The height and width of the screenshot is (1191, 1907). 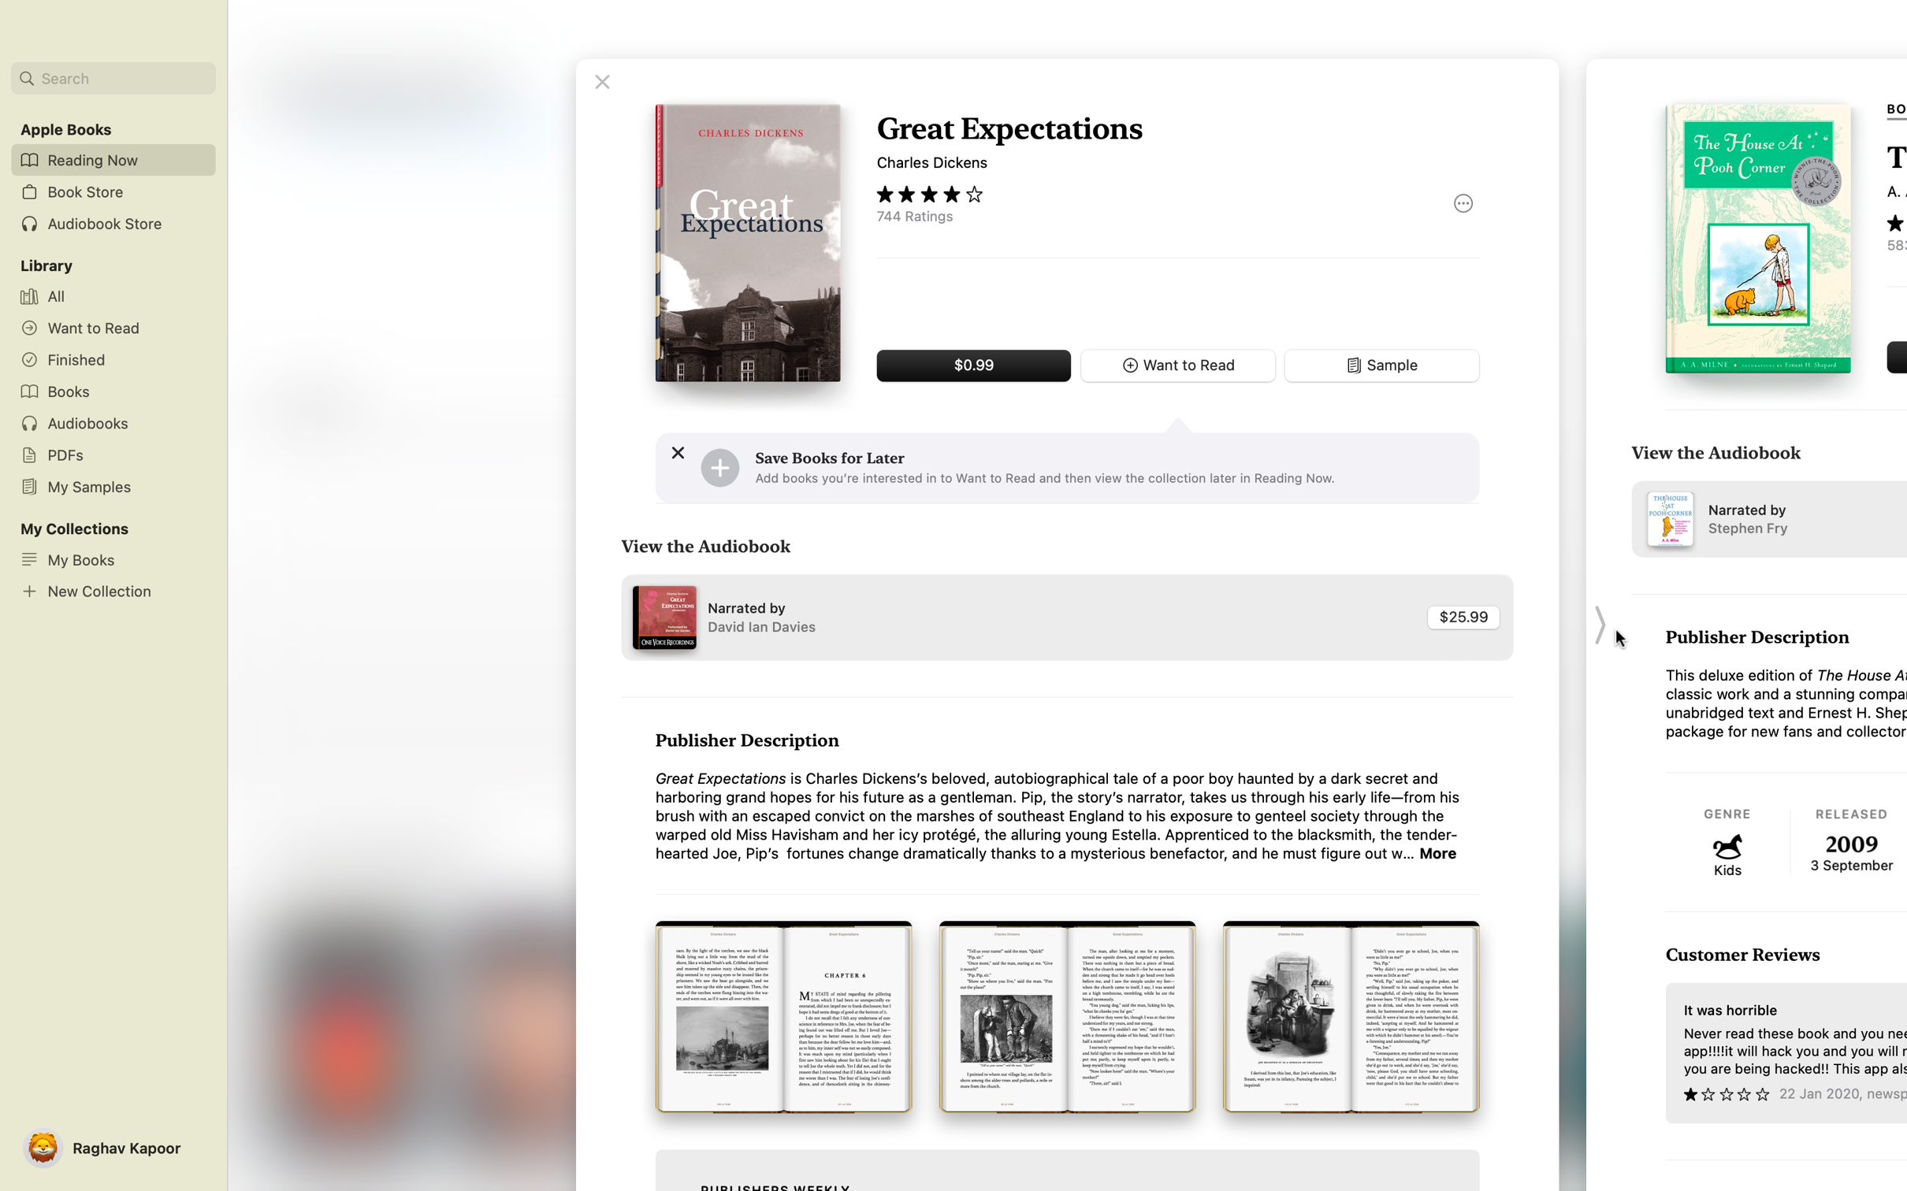 What do you see at coordinates (3585160, 1314864) in the screenshot?
I see `Lower the page to view the biography of the author` at bounding box center [3585160, 1314864].